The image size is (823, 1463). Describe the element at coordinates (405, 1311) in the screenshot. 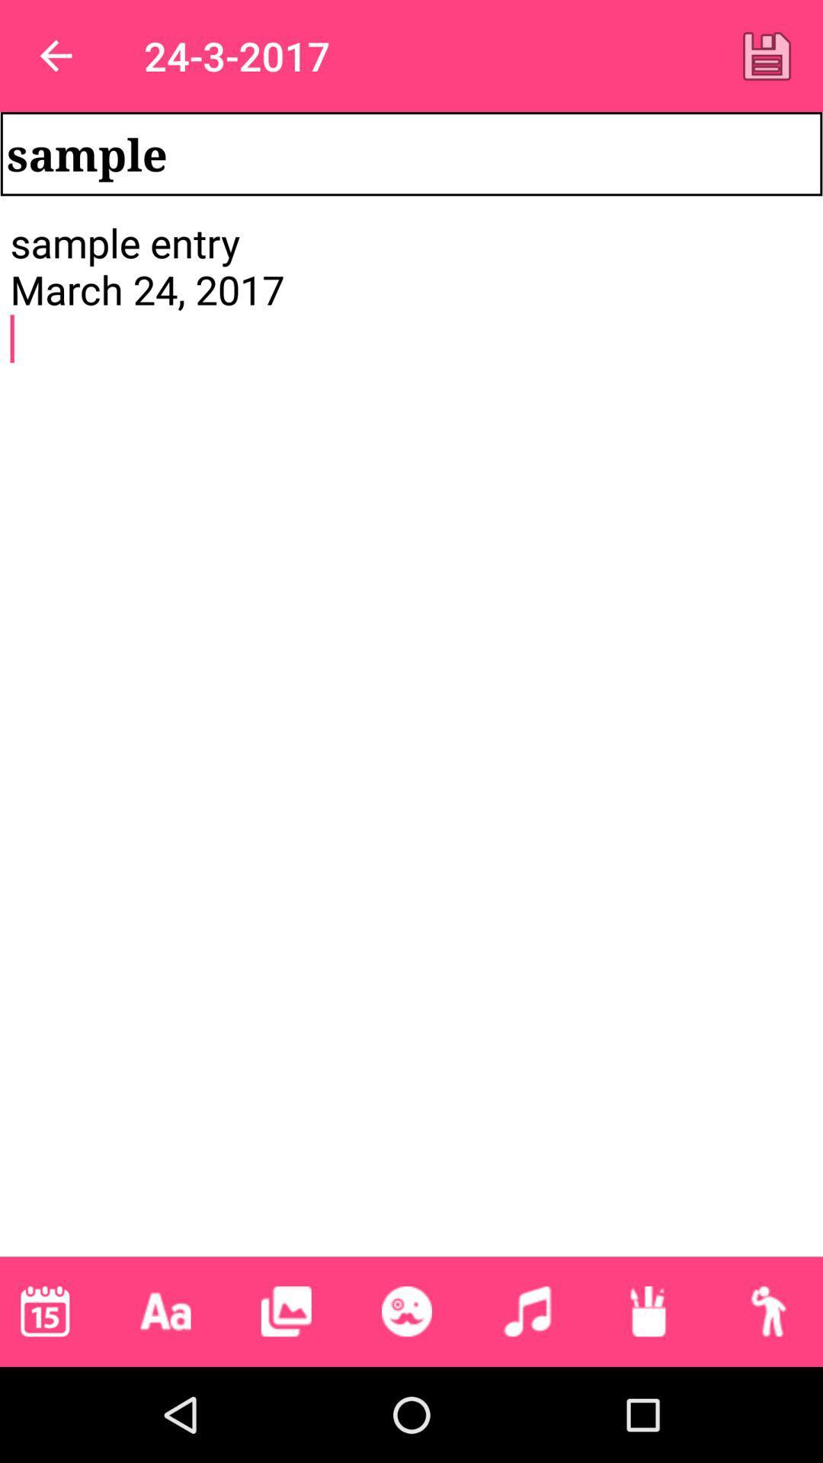

I see `the emoji icon` at that location.